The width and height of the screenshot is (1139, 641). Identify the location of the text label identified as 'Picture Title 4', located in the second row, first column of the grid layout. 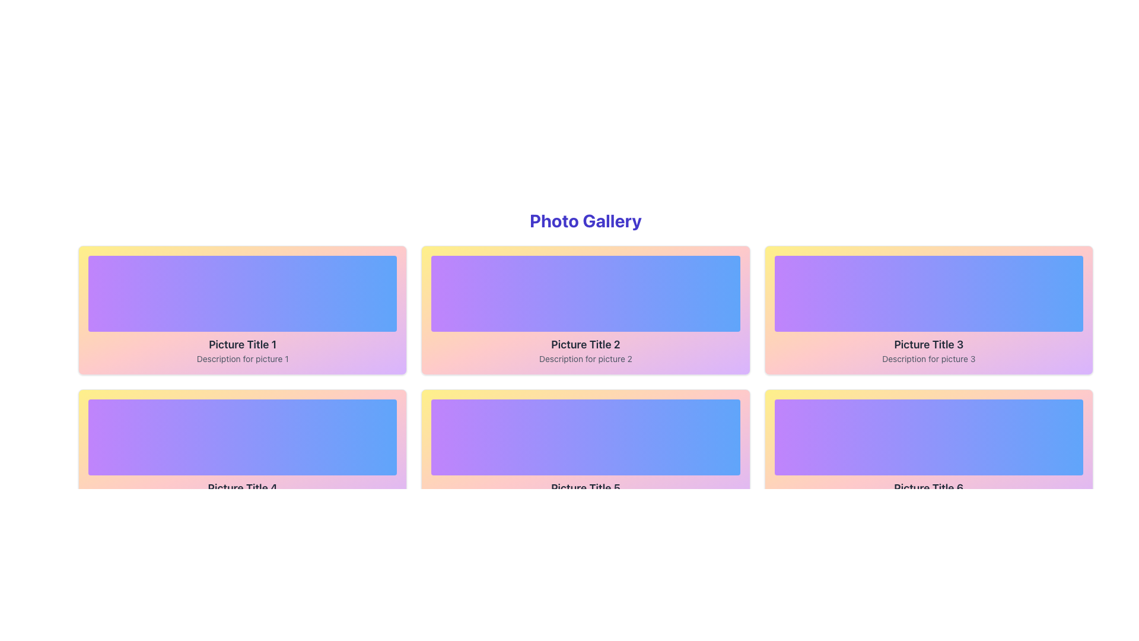
(242, 488).